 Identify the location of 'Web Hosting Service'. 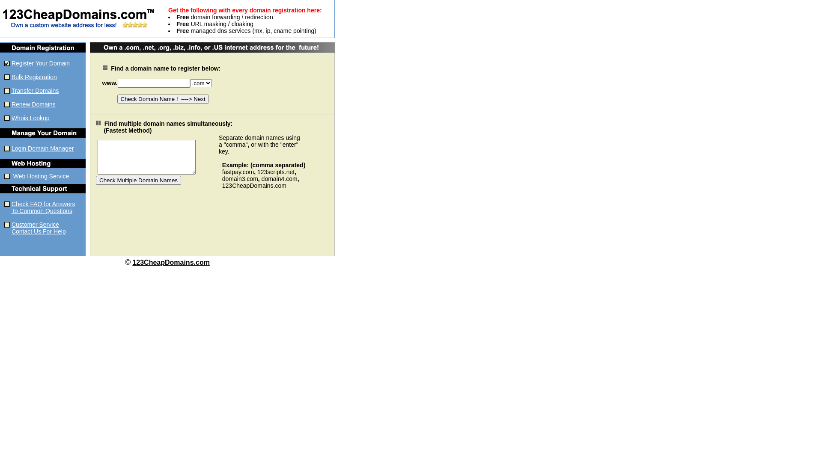
(41, 176).